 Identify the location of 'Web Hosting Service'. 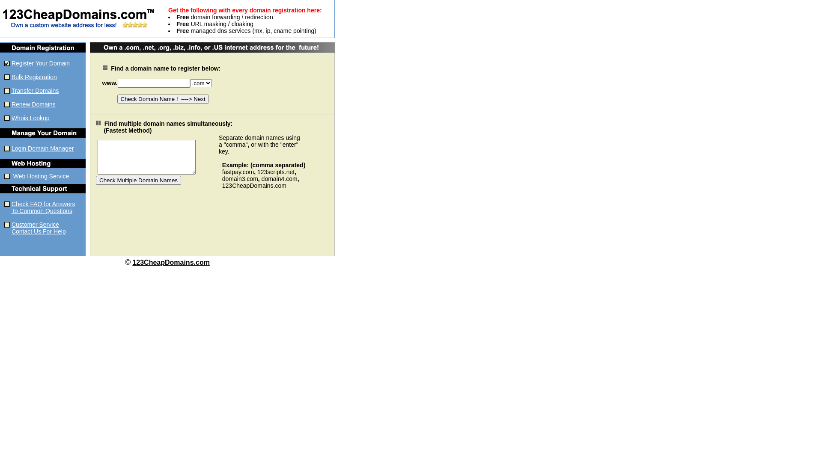
(41, 176).